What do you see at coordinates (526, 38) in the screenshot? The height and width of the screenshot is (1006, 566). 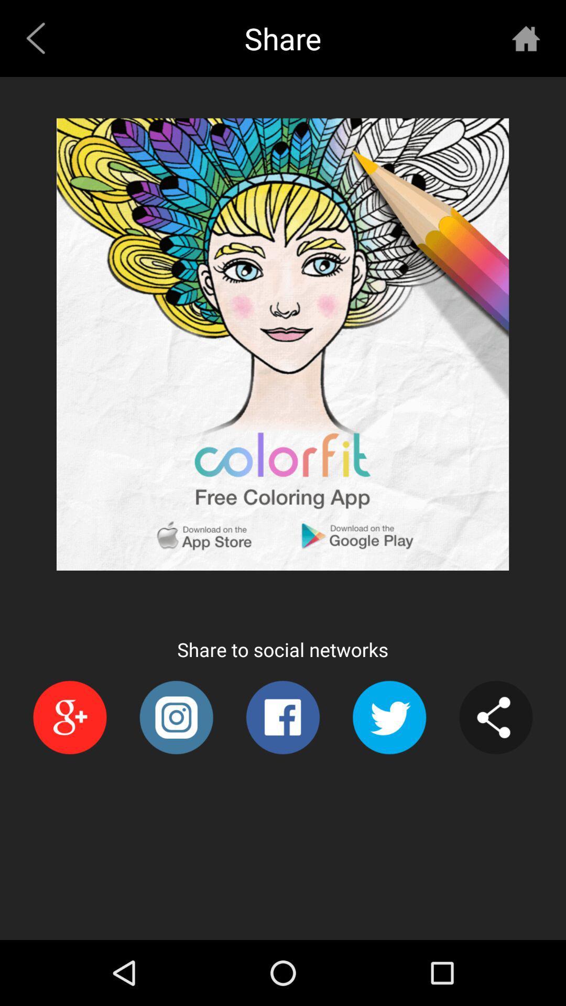 I see `item next to the share icon` at bounding box center [526, 38].